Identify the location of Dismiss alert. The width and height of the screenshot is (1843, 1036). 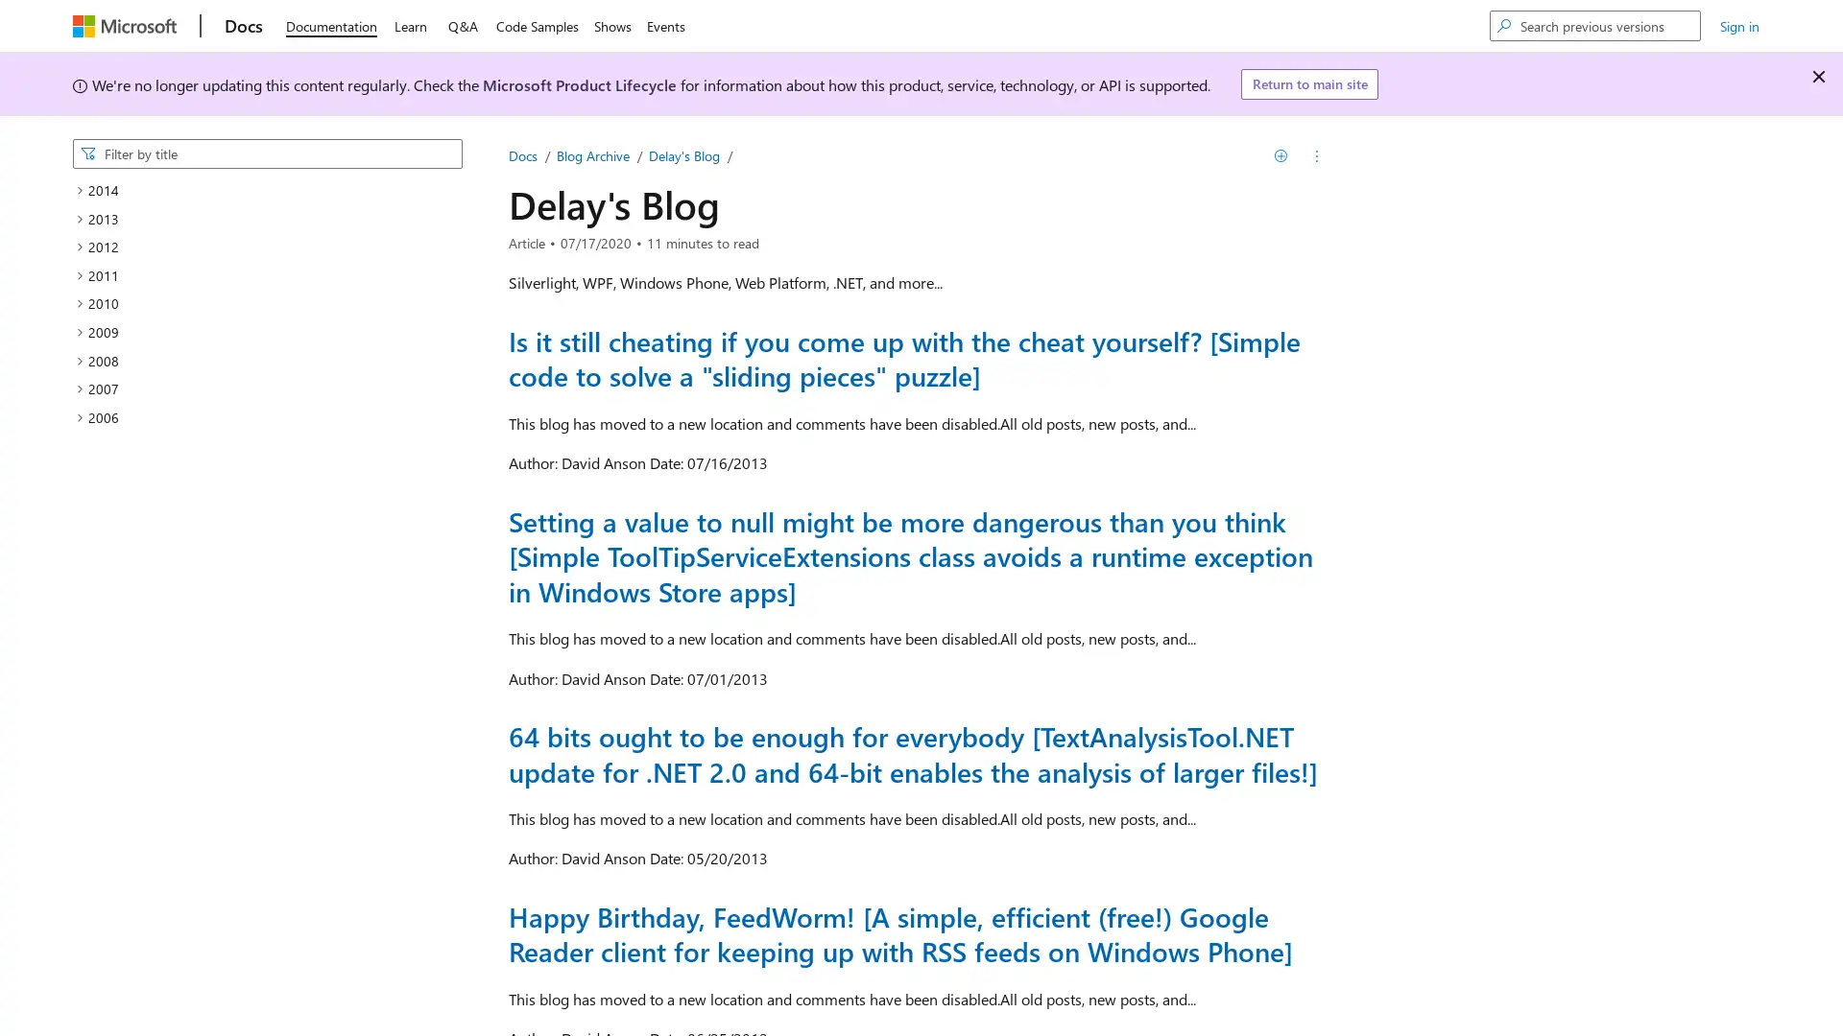
(1818, 76).